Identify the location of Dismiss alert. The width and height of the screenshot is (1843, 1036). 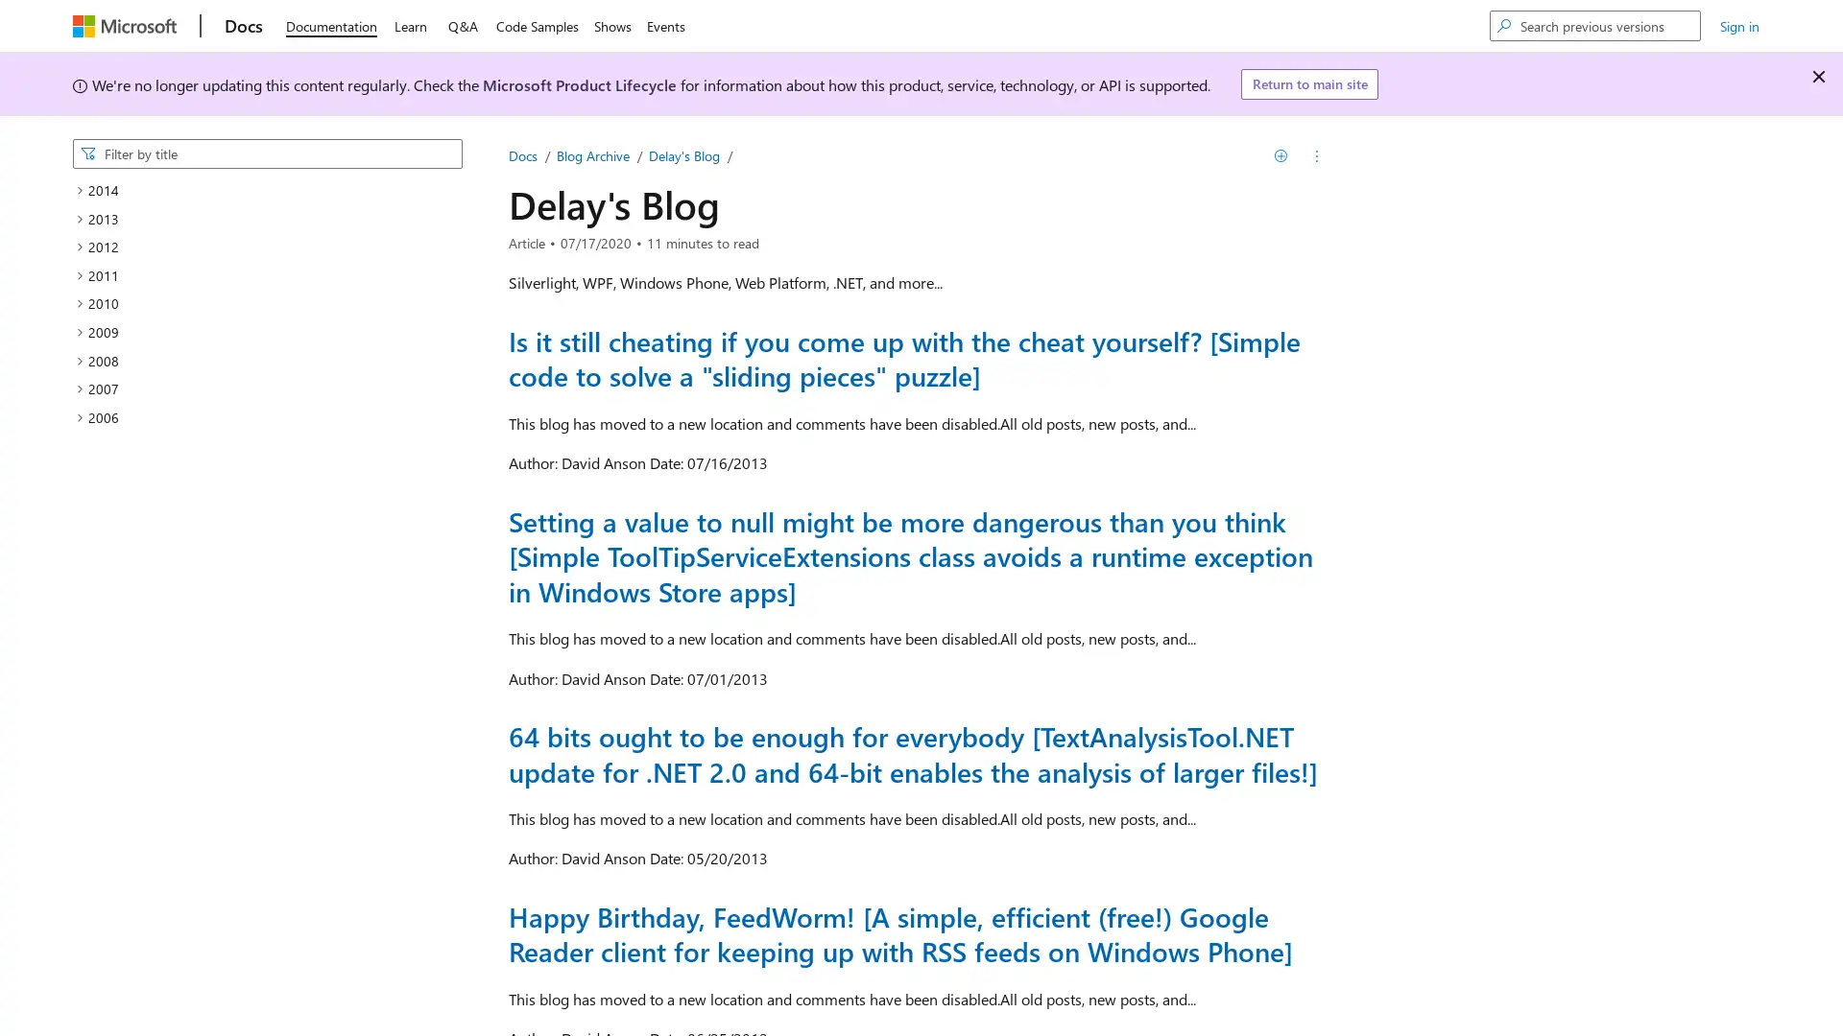
(1818, 76).